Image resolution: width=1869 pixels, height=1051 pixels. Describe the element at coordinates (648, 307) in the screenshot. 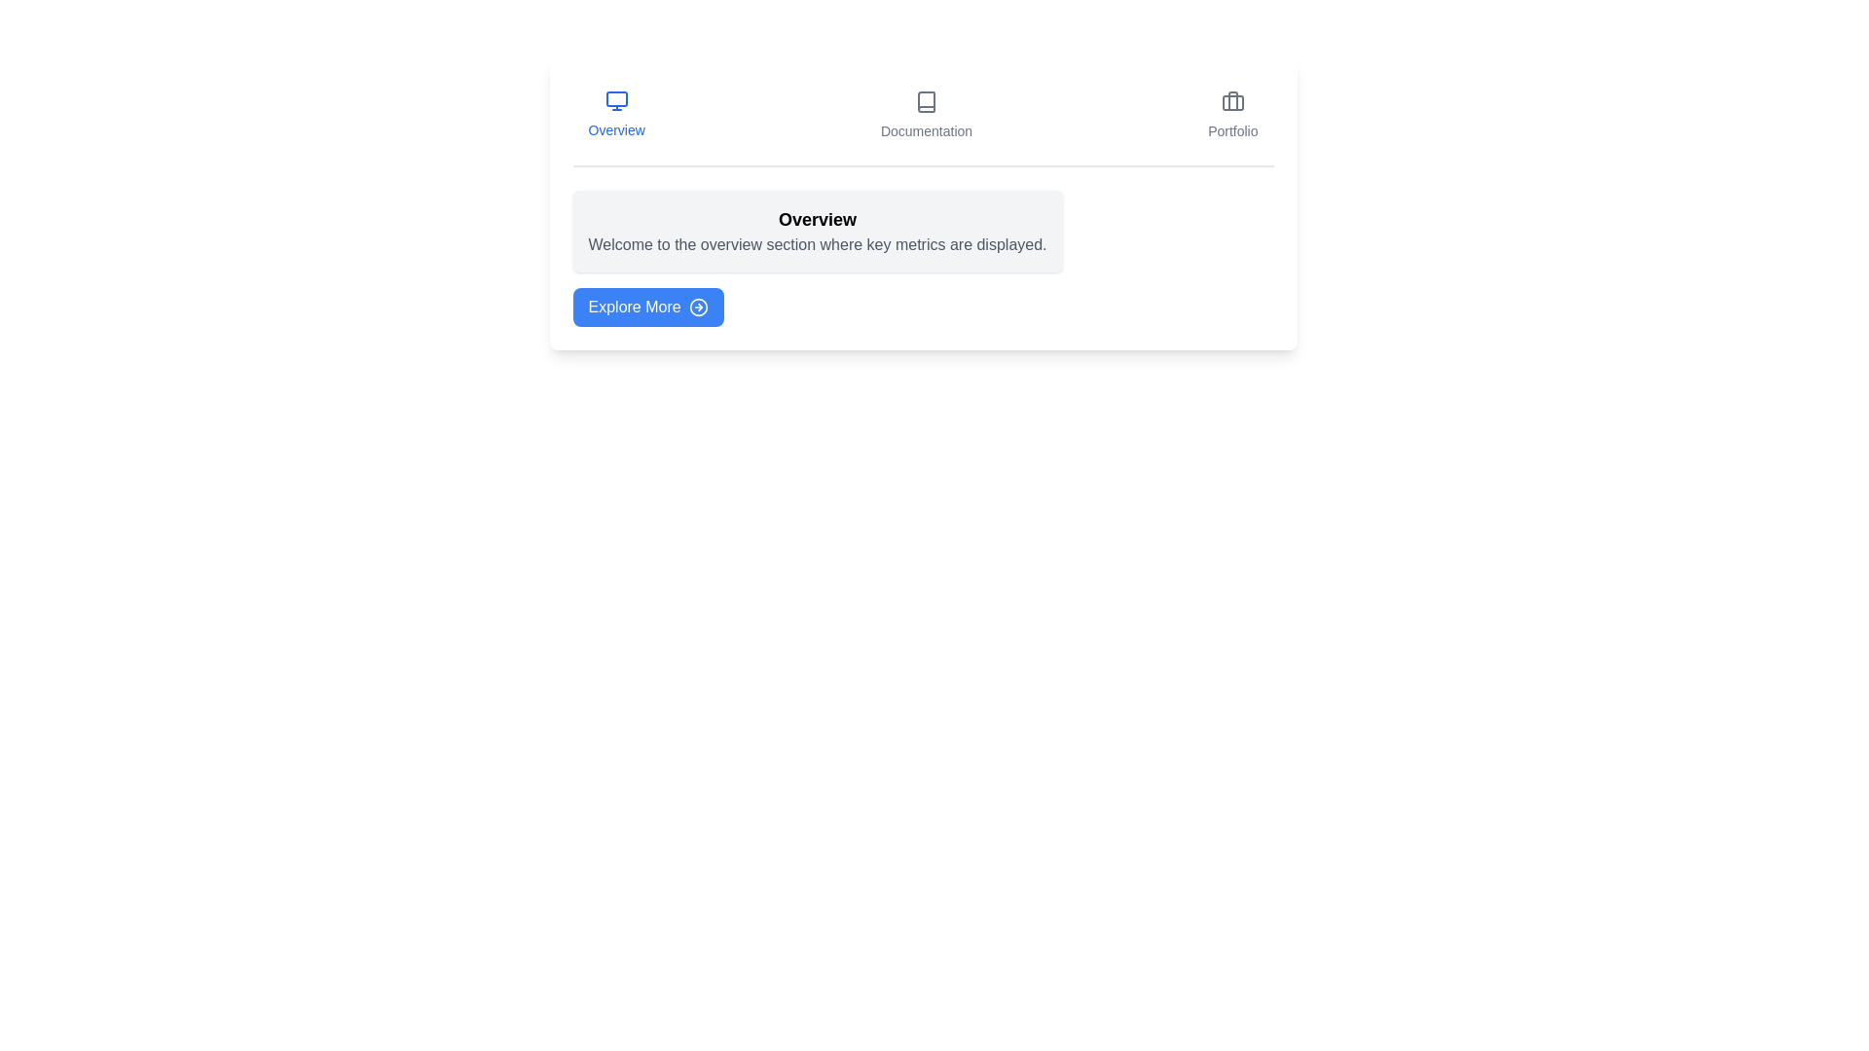

I see `the 'Explore More' button to navigate to additional content` at that location.